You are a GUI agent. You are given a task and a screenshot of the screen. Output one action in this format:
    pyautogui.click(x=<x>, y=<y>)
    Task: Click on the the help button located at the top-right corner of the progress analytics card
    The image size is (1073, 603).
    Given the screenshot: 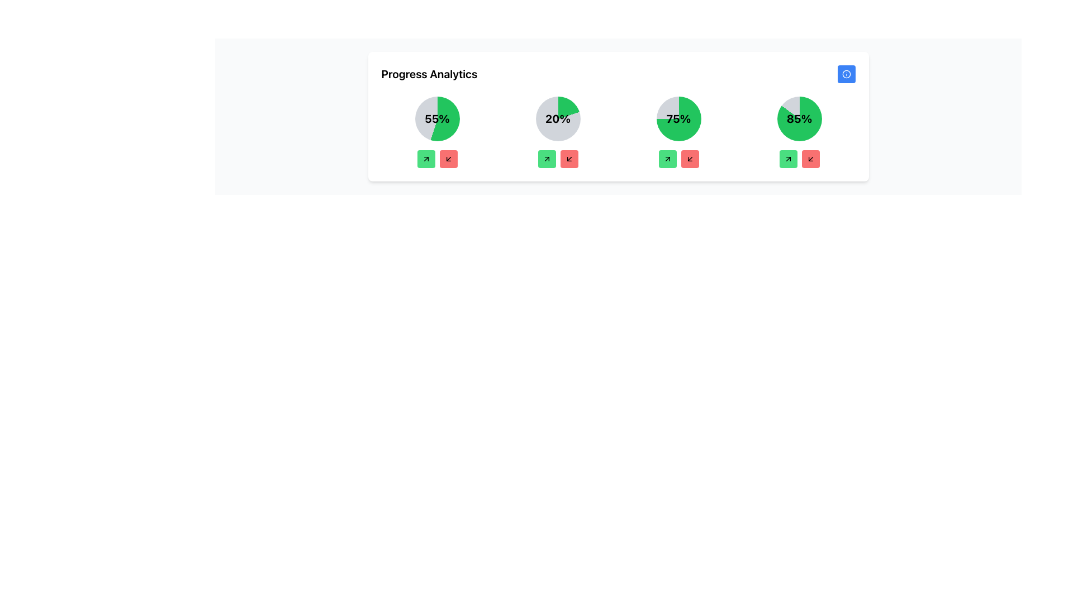 What is the action you would take?
    pyautogui.click(x=846, y=74)
    